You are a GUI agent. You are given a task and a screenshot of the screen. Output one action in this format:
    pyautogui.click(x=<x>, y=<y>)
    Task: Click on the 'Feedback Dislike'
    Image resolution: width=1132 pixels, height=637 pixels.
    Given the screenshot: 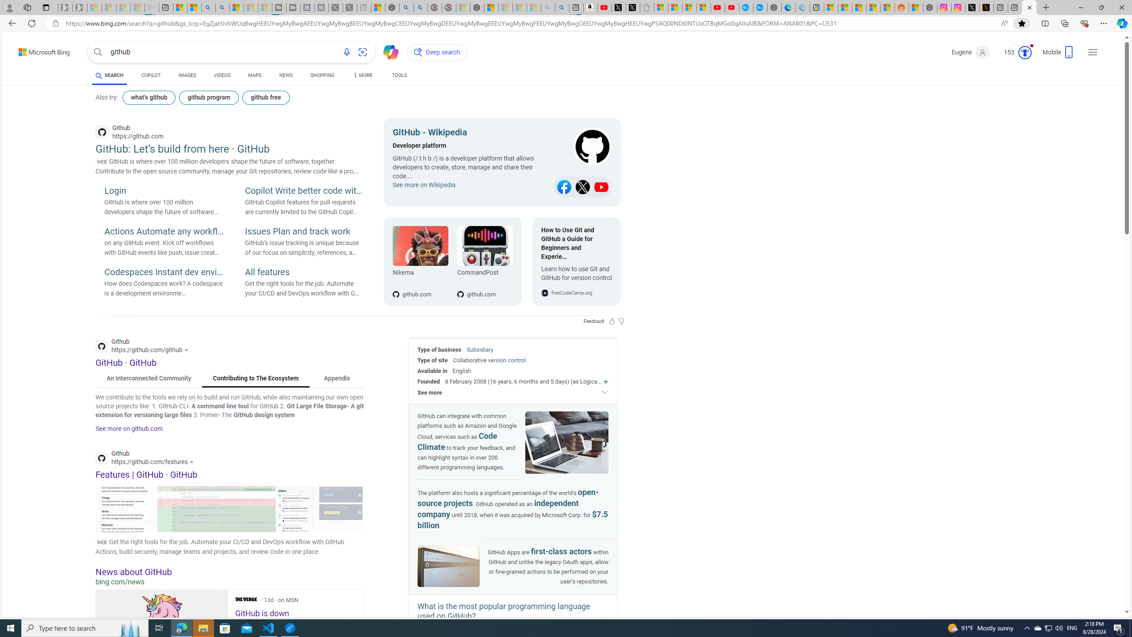 What is the action you would take?
    pyautogui.click(x=621, y=321)
    